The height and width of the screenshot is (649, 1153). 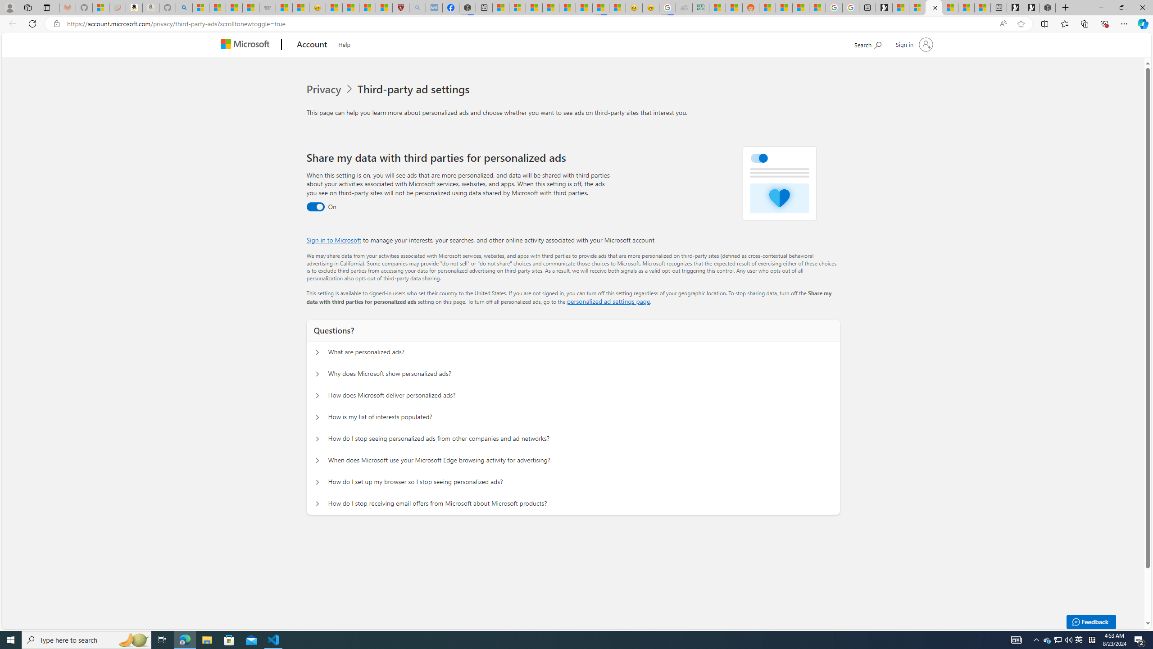 I want to click on 'Questions? What are personalized ads?', so click(x=318, y=352).